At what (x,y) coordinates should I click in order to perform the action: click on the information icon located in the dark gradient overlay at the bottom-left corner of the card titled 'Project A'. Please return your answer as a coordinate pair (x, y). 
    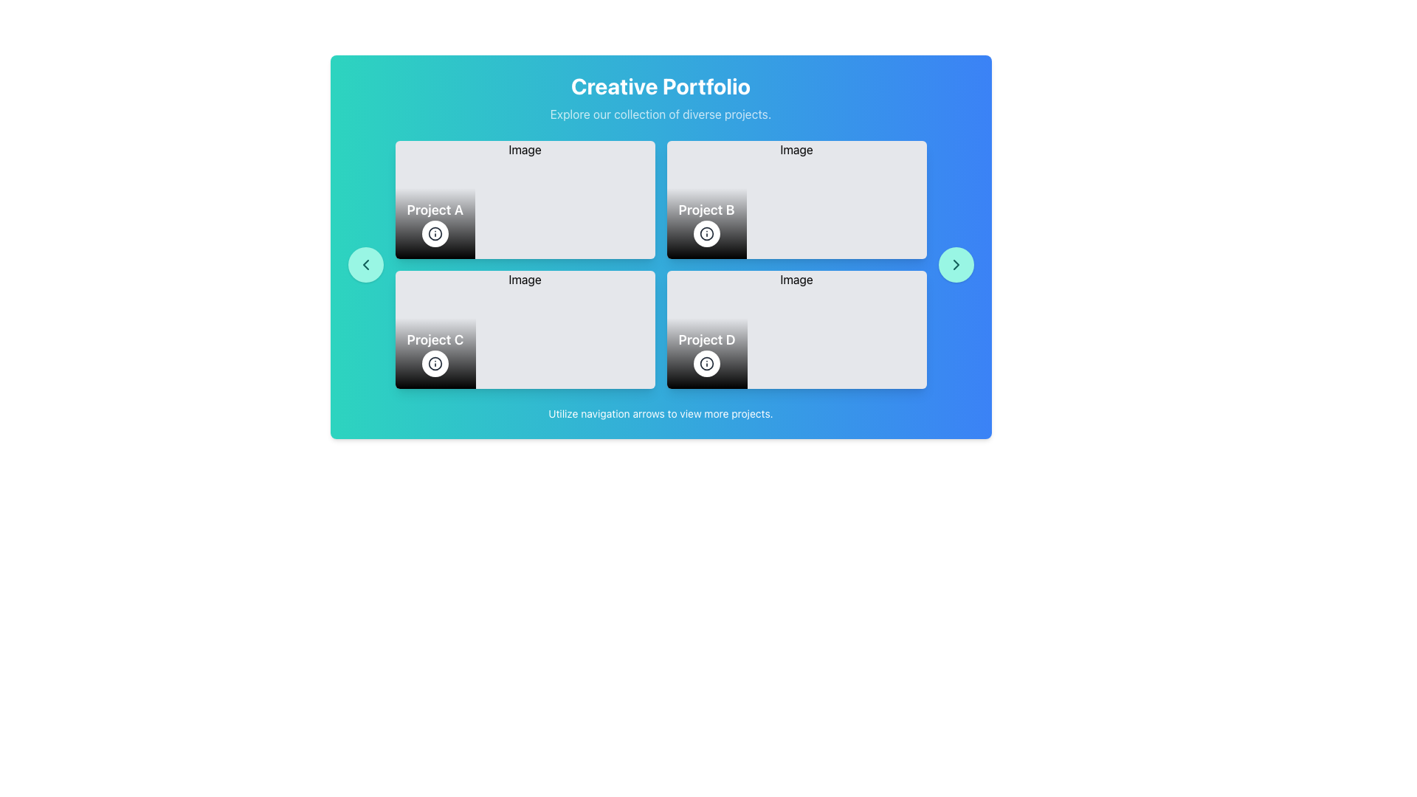
    Looking at the image, I should click on (434, 224).